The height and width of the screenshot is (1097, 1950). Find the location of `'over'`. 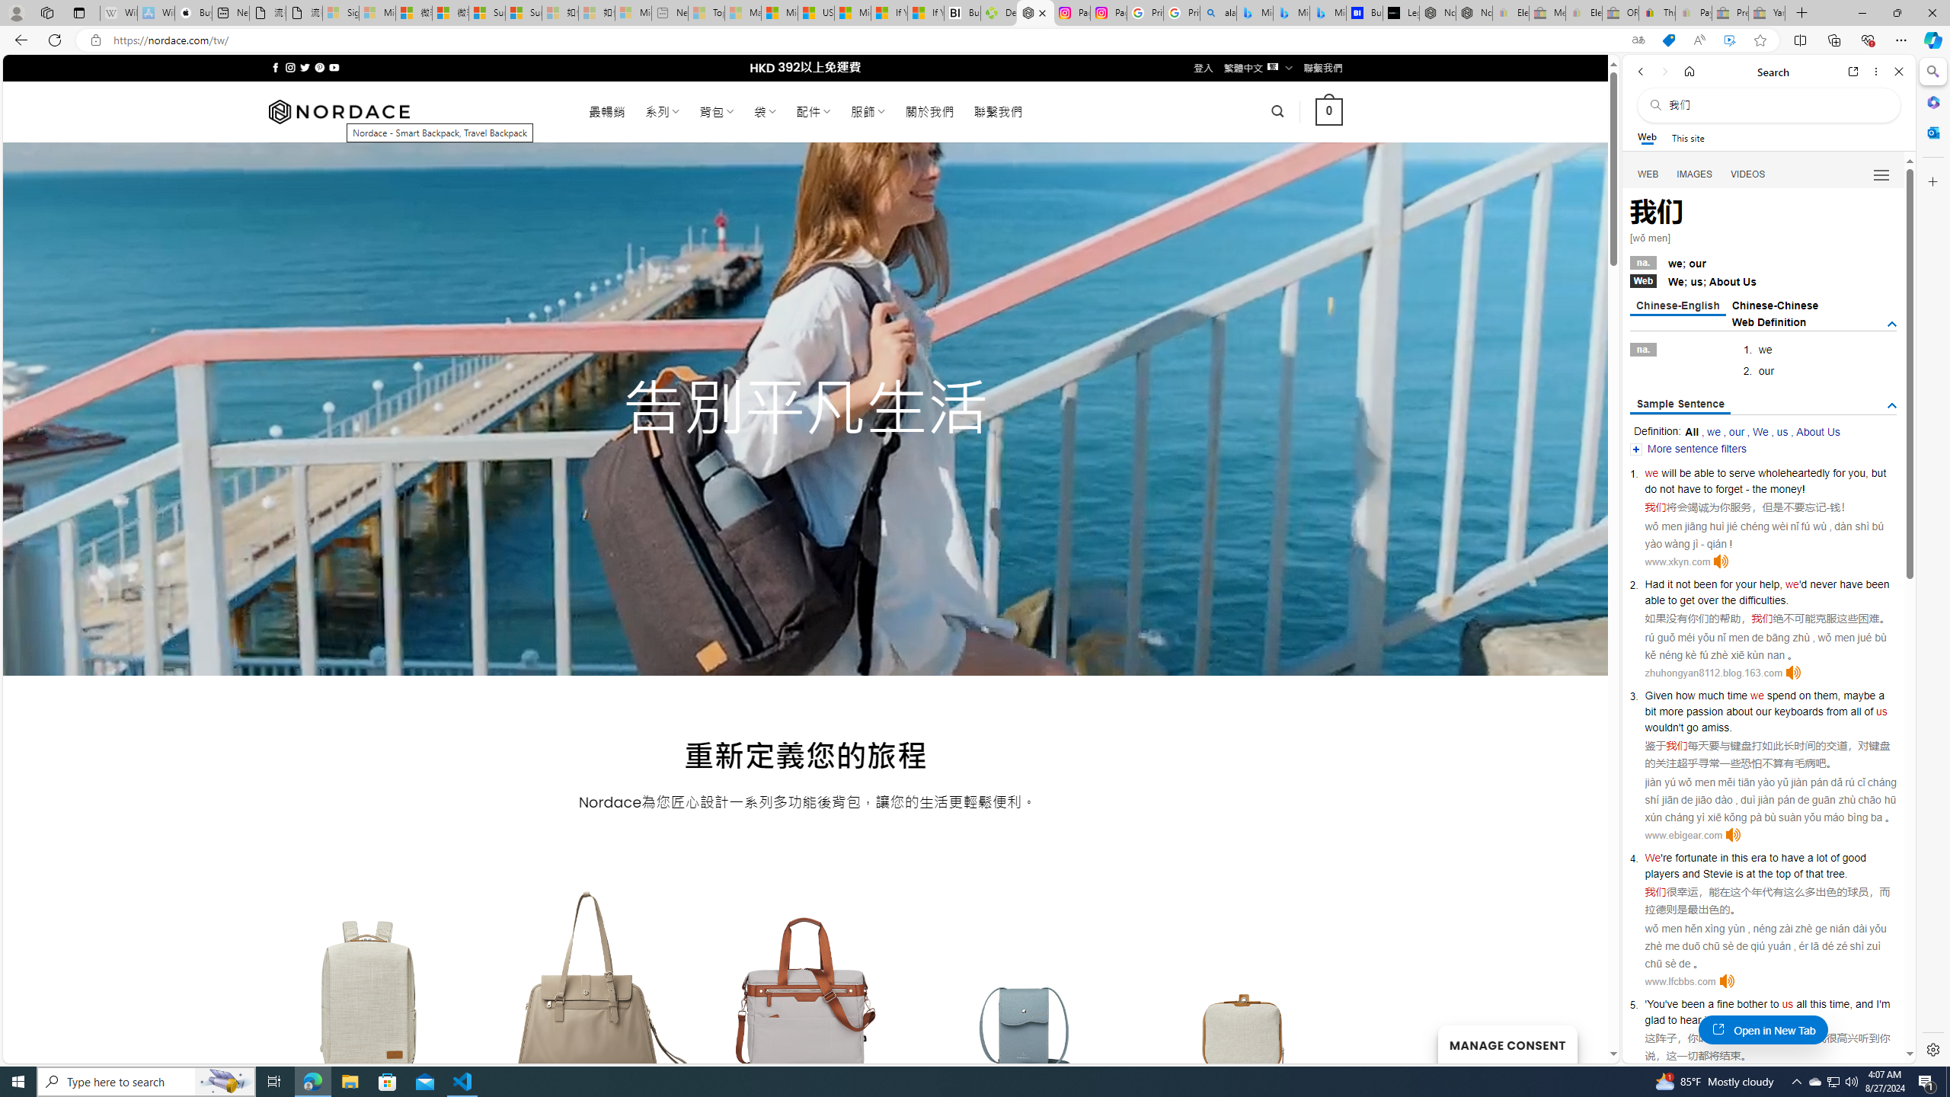

'over' is located at coordinates (1708, 600).